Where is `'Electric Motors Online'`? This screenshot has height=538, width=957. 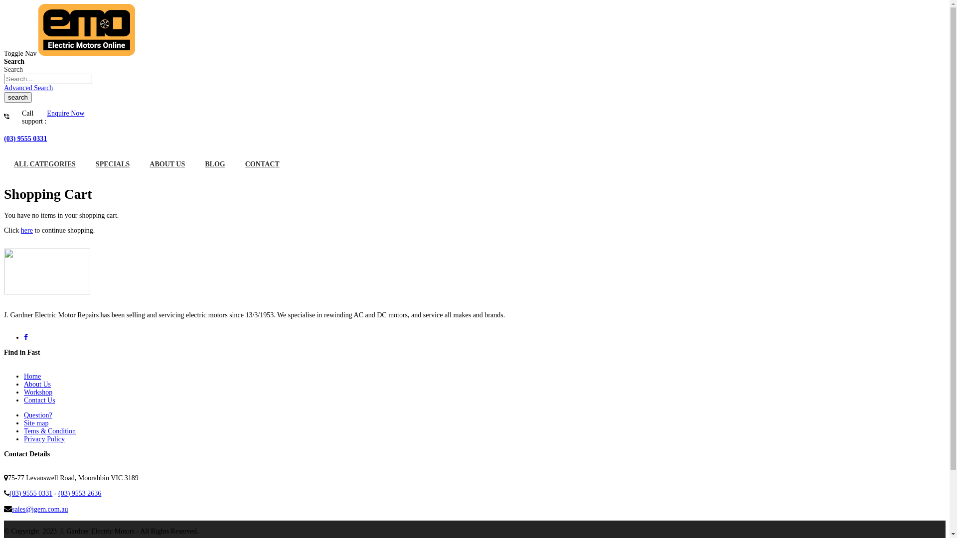 'Electric Motors Online' is located at coordinates (86, 53).